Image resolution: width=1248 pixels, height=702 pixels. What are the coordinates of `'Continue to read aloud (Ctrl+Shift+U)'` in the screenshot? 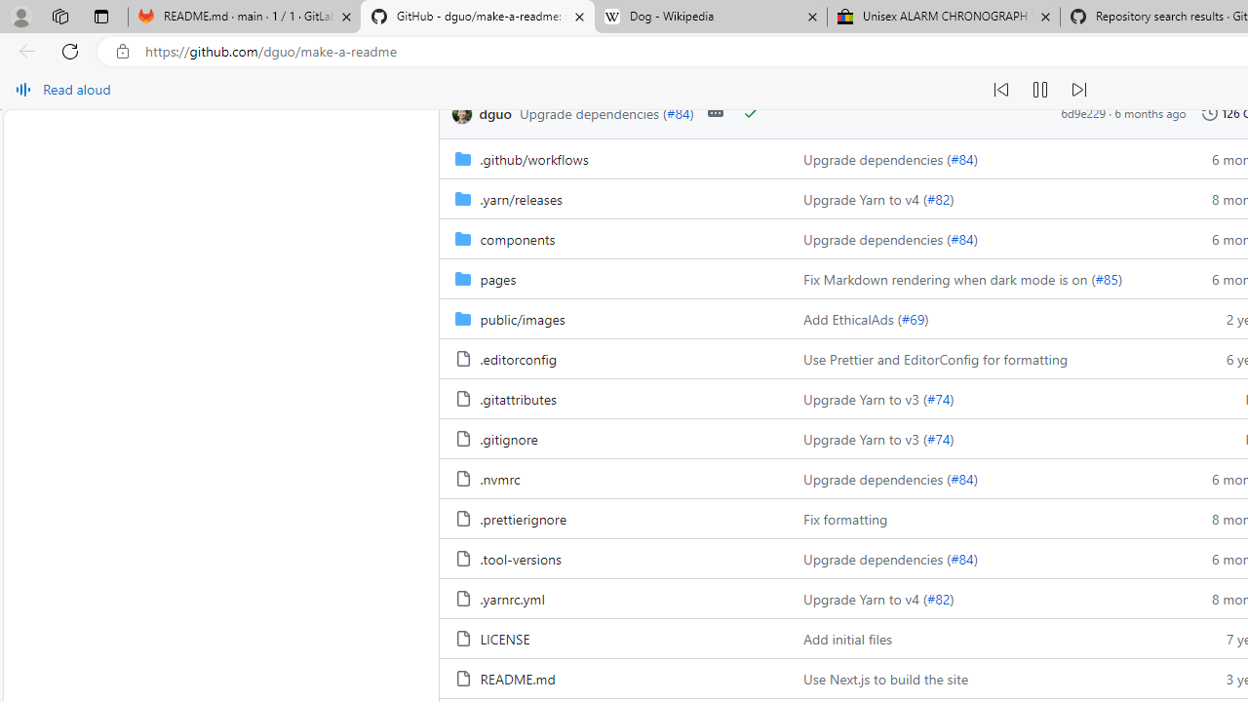 It's located at (1038, 90).